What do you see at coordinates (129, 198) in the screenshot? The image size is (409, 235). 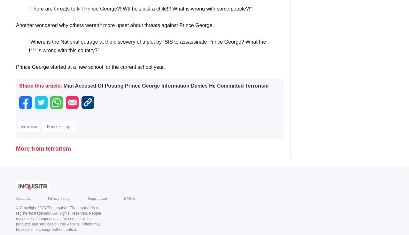 I see `'DMCA'` at bounding box center [129, 198].